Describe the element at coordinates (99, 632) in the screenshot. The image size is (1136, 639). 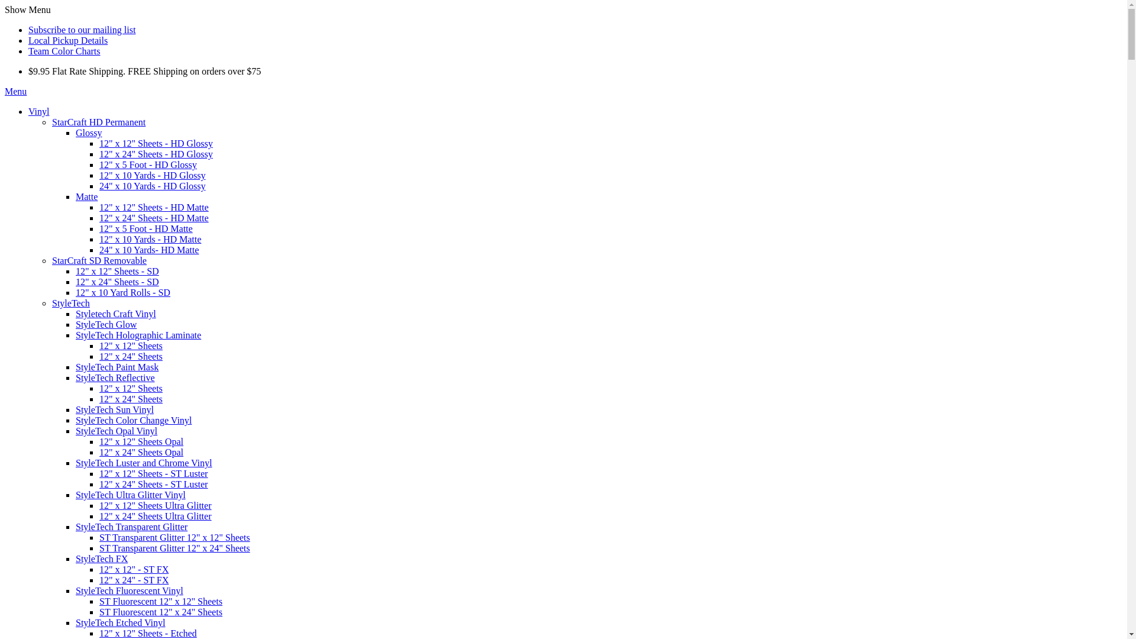
I see `'12" x 12" Sheets - Etched'` at that location.